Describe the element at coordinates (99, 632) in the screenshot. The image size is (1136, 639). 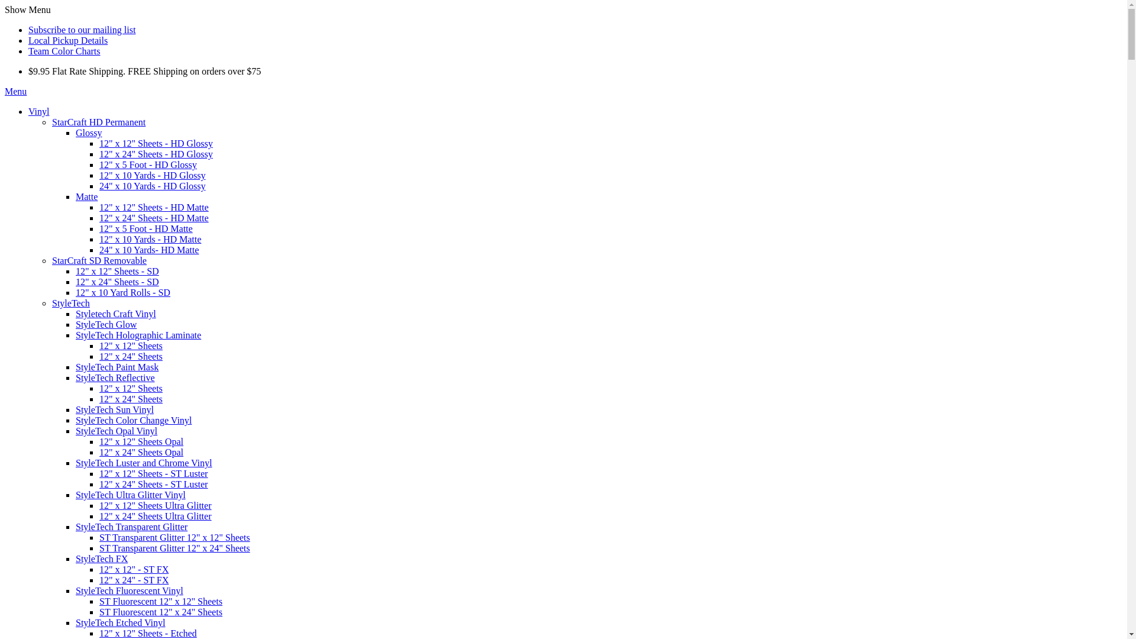
I see `'12" x 12" Sheets - Etched'` at that location.